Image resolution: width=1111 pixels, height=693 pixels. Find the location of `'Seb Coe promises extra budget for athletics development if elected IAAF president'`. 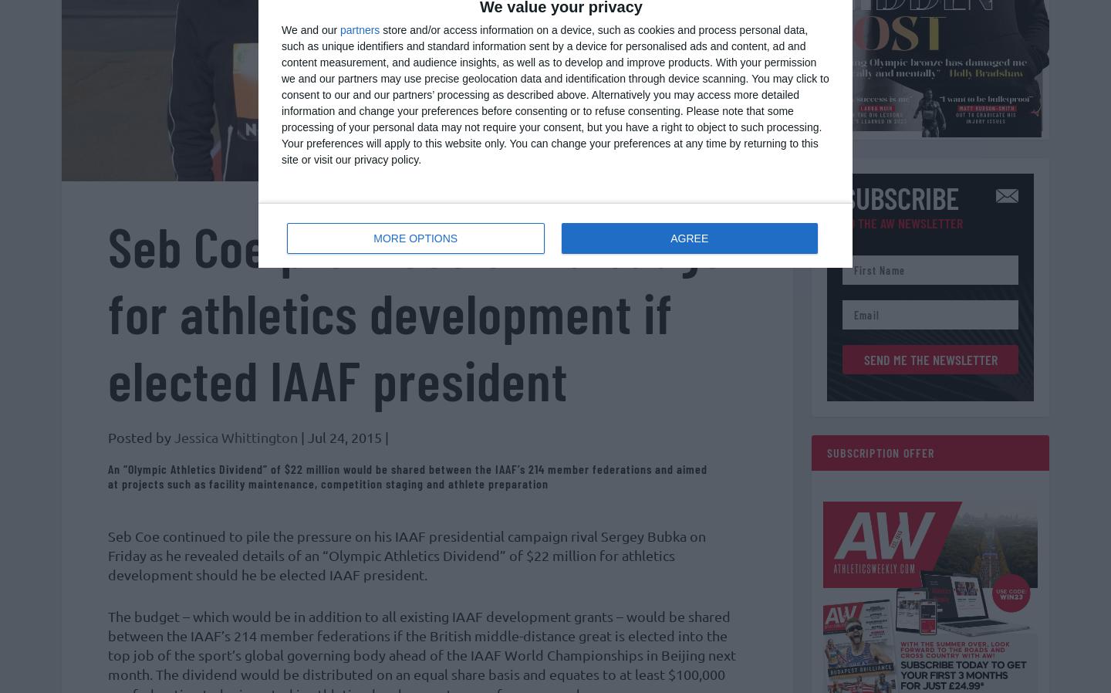

'Seb Coe promises extra budget for athletics development if elected IAAF president' is located at coordinates (424, 319).